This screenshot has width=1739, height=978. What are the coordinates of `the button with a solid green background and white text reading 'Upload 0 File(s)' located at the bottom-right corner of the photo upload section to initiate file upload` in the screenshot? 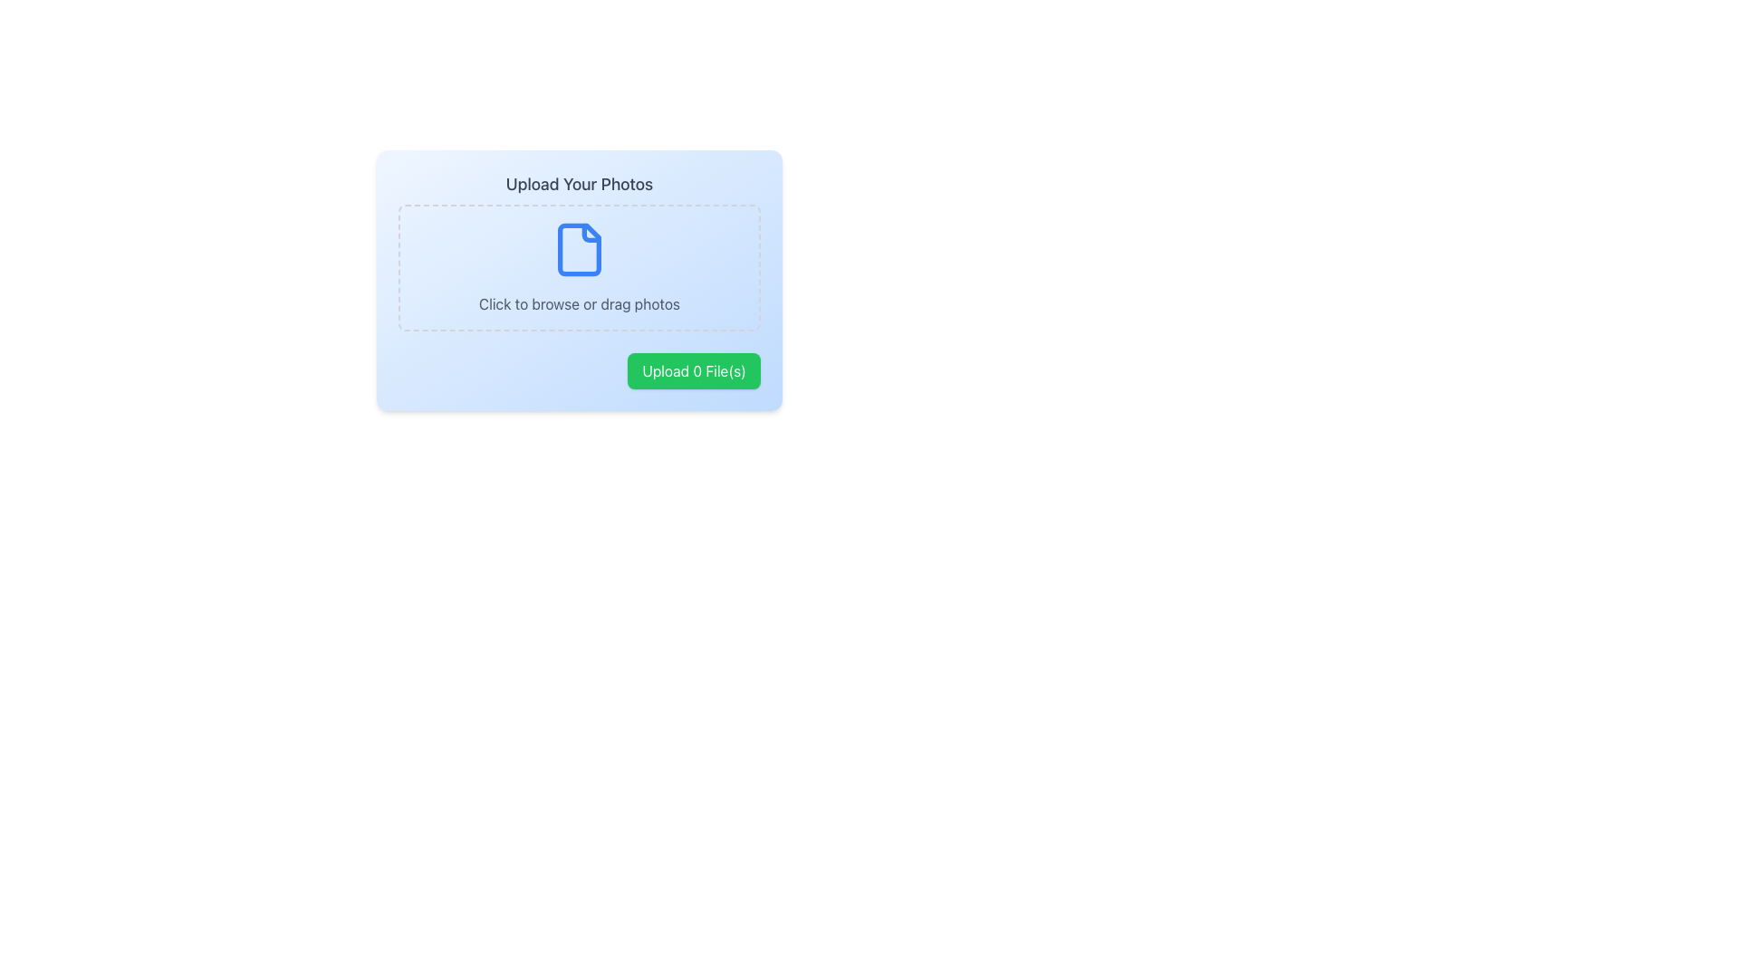 It's located at (693, 369).